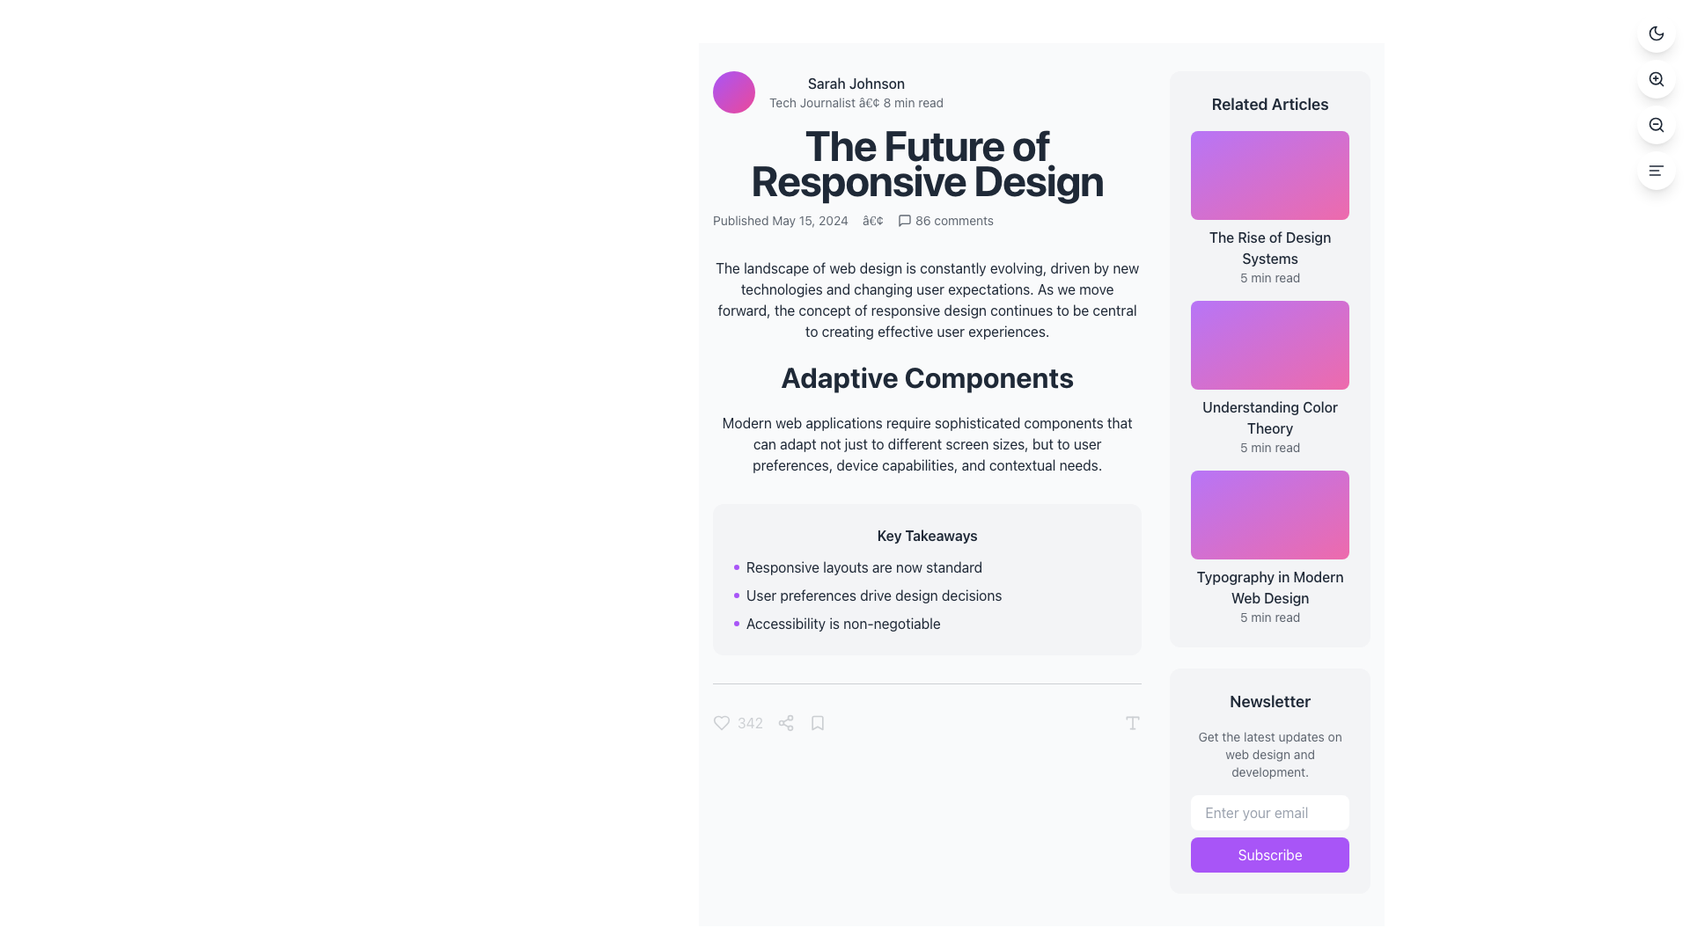 This screenshot has height=950, width=1690. I want to click on the static text element displaying 'Understanding Color Theory' to observe the hover effects that change its color to purple, so click(1270, 418).